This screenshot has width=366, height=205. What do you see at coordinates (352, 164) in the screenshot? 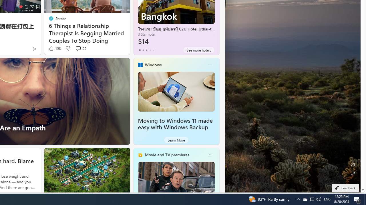
I see `'Edit Background'` at bounding box center [352, 164].